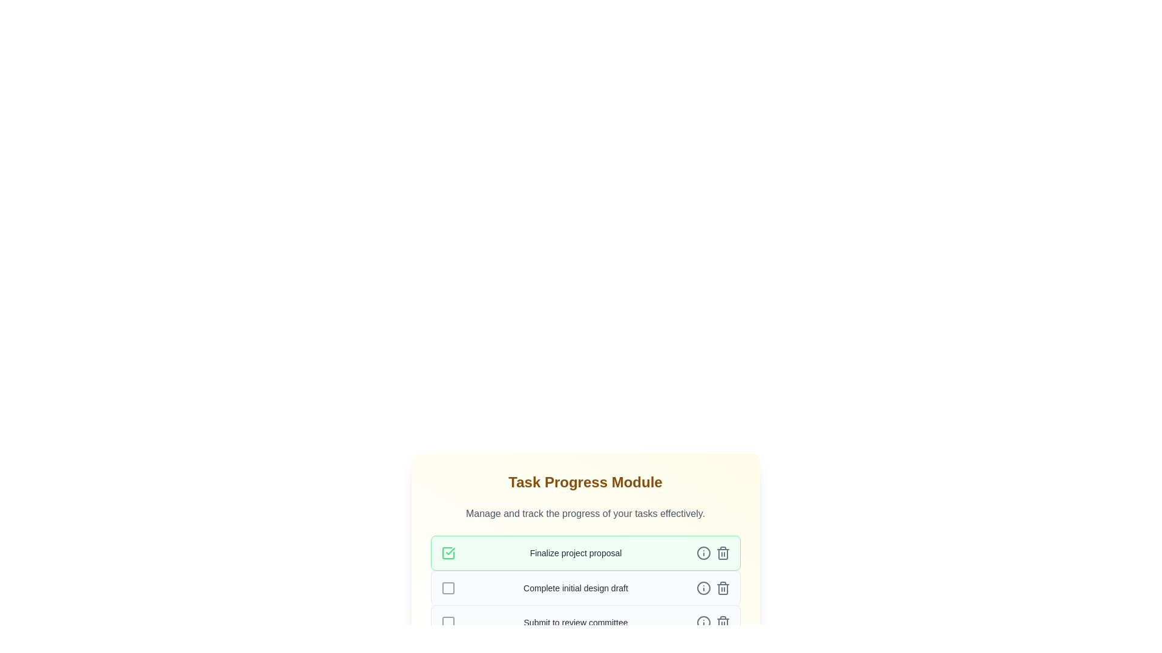 The height and width of the screenshot is (653, 1162). I want to click on the checkbox with a checkmark indicating the completion of the 'Finalize project proposal' task in the Task Progress Module, so click(447, 553).